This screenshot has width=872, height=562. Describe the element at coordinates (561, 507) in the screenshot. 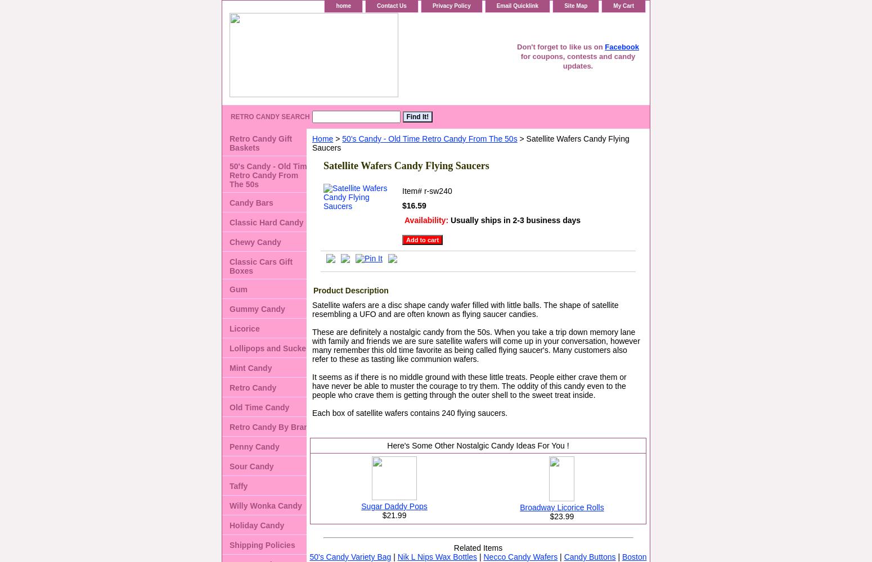

I see `'Broadway Licorice Rolls'` at that location.